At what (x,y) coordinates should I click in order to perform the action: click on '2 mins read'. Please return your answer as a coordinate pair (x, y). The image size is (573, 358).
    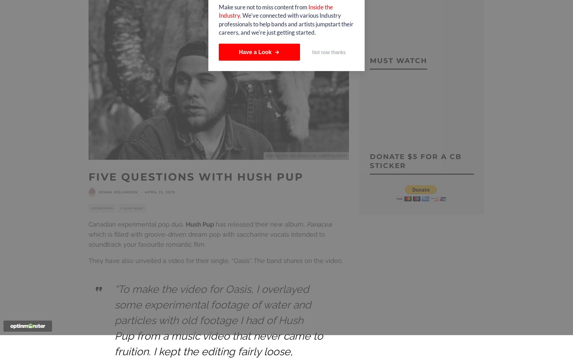
    Looking at the image, I should click on (132, 208).